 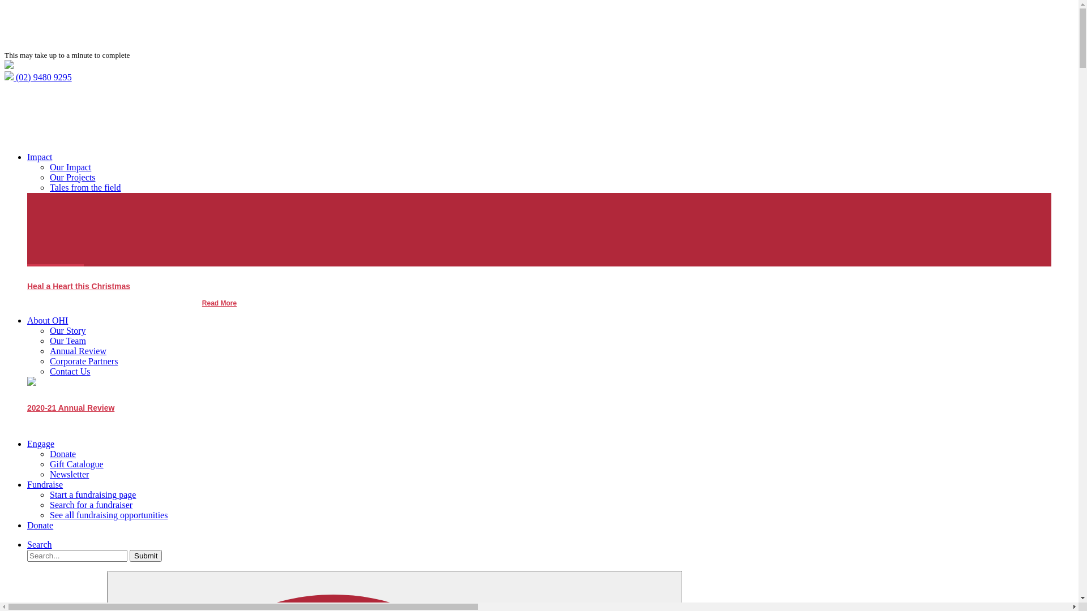 I want to click on 'Tales from the field', so click(x=49, y=187).